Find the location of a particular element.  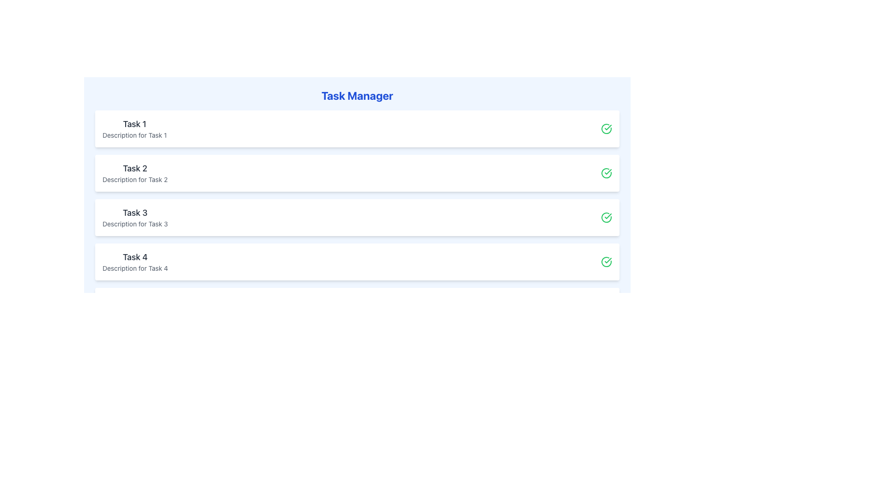

the green checkmark icon in the top-right corner of the 'Task 4' box is located at coordinates (607, 262).